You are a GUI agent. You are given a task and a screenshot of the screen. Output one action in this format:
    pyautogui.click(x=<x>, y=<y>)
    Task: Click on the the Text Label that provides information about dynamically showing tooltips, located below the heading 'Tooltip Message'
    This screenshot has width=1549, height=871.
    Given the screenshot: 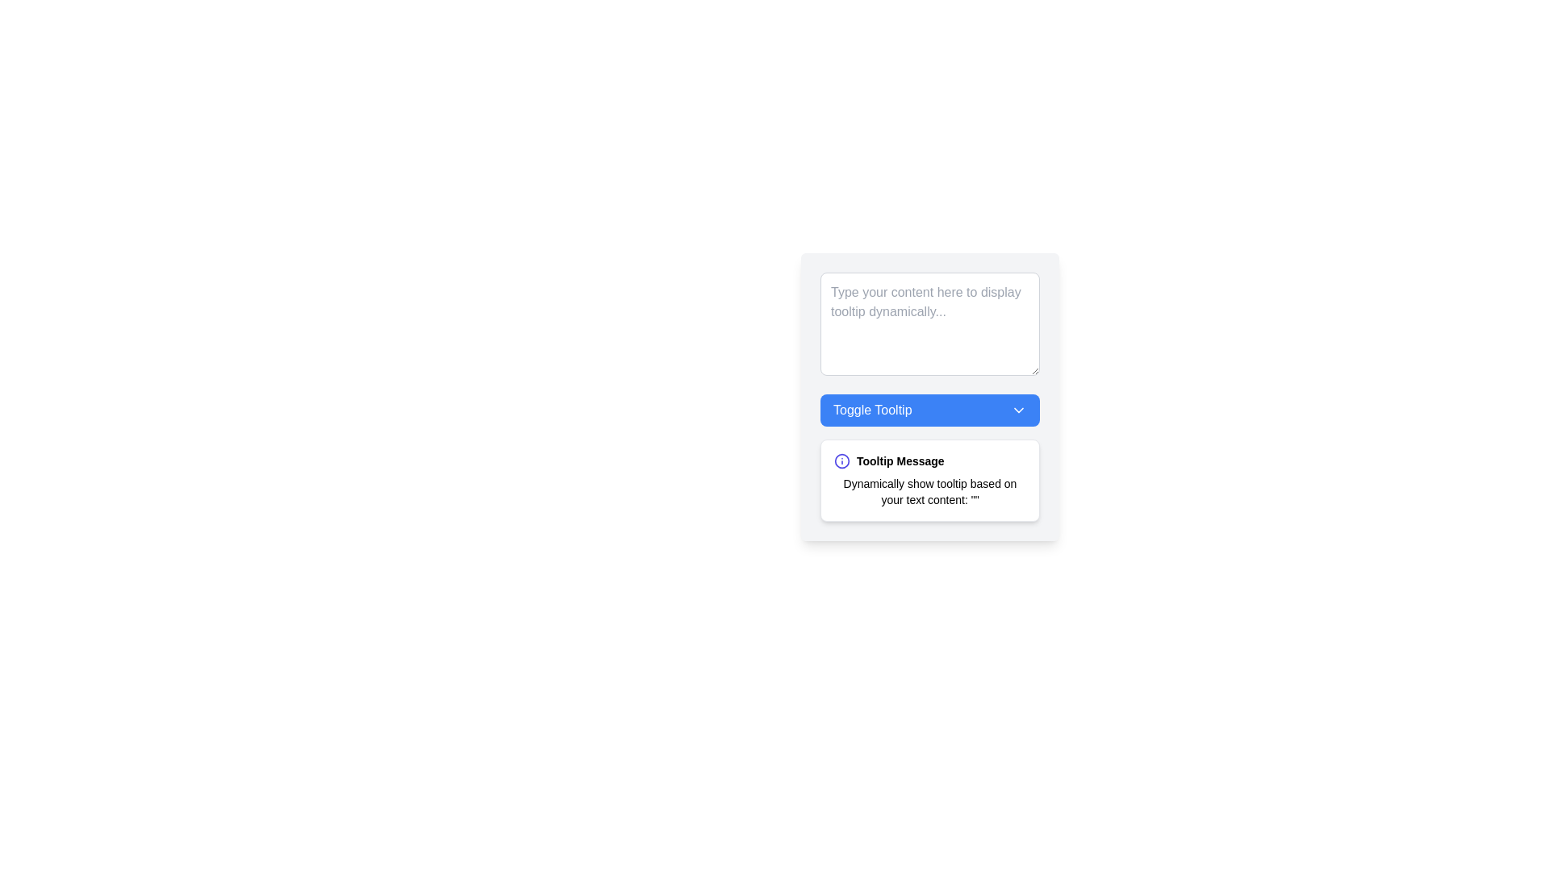 What is the action you would take?
    pyautogui.click(x=929, y=490)
    